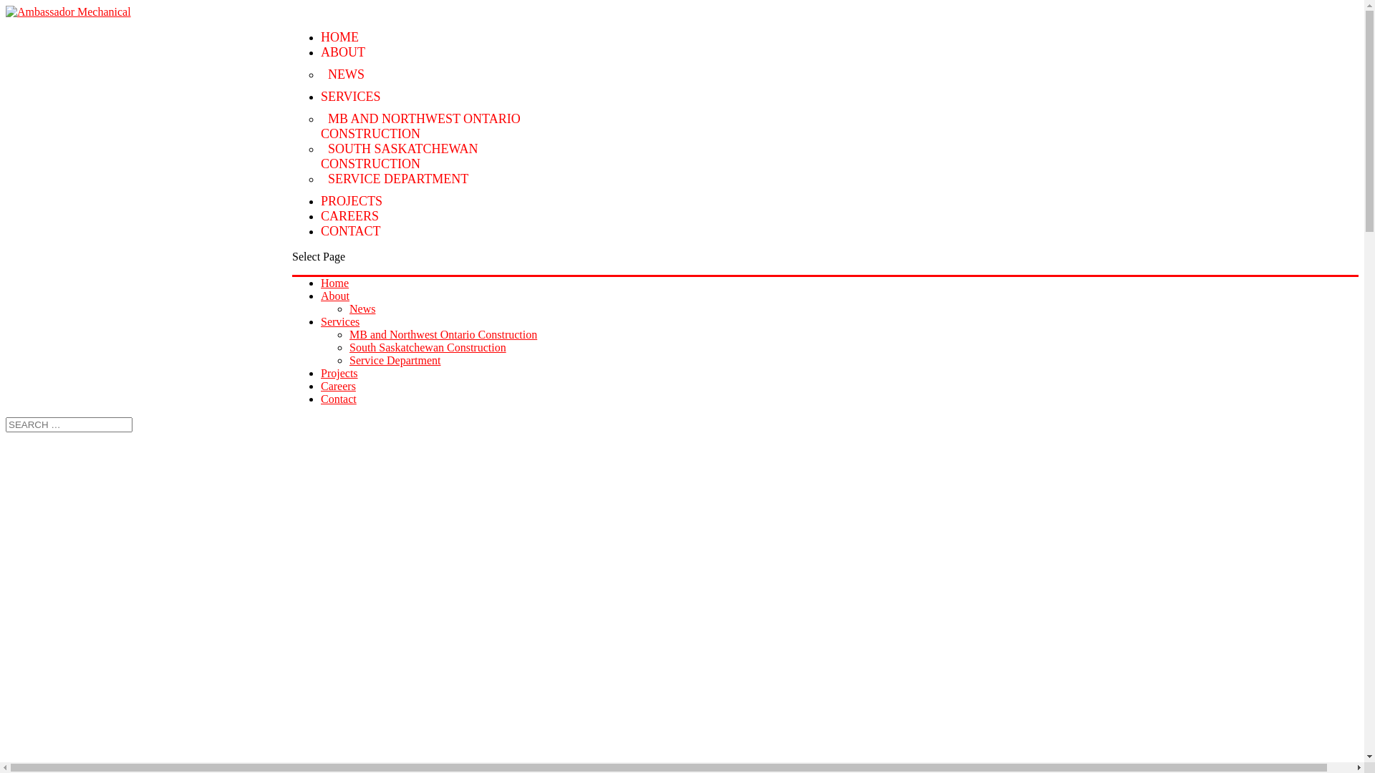 Image resolution: width=1375 pixels, height=773 pixels. Describe the element at coordinates (346, 74) in the screenshot. I see `'NEWS'` at that location.